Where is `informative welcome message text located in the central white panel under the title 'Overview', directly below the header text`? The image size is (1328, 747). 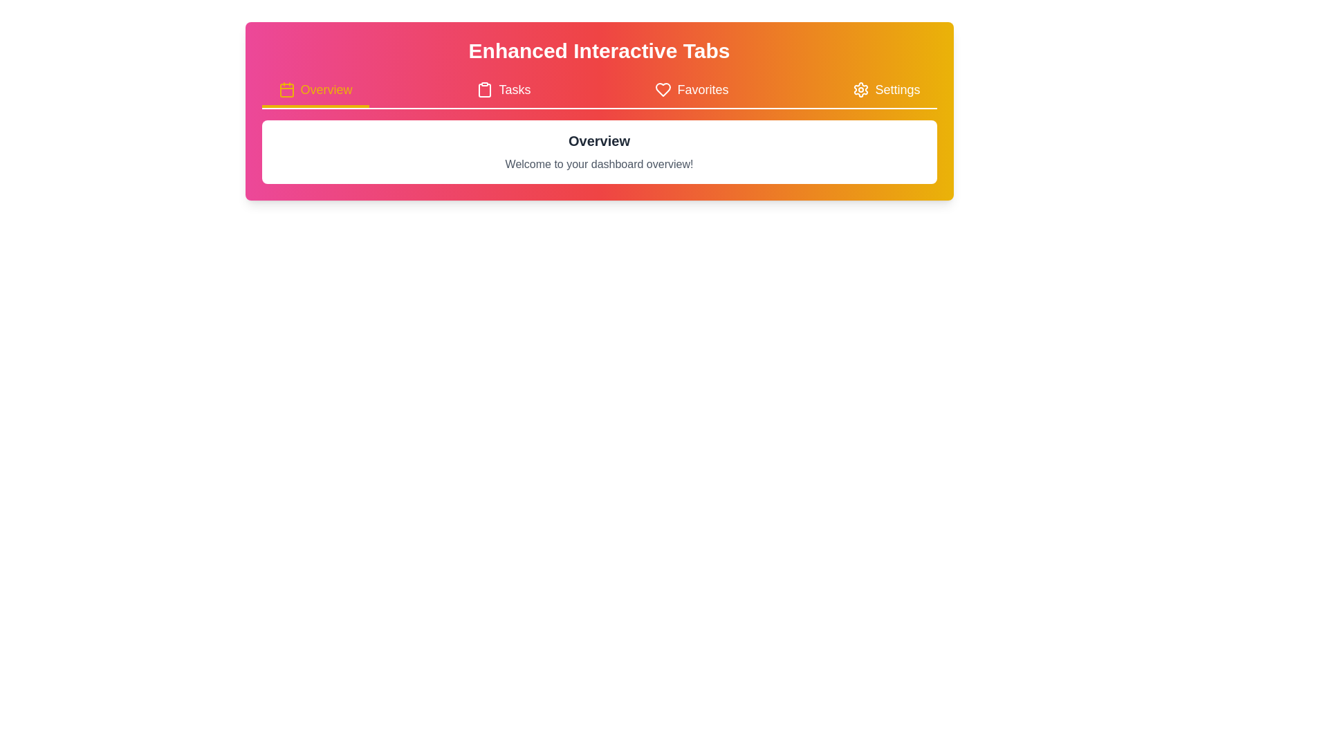
informative welcome message text located in the central white panel under the title 'Overview', directly below the header text is located at coordinates (599, 164).